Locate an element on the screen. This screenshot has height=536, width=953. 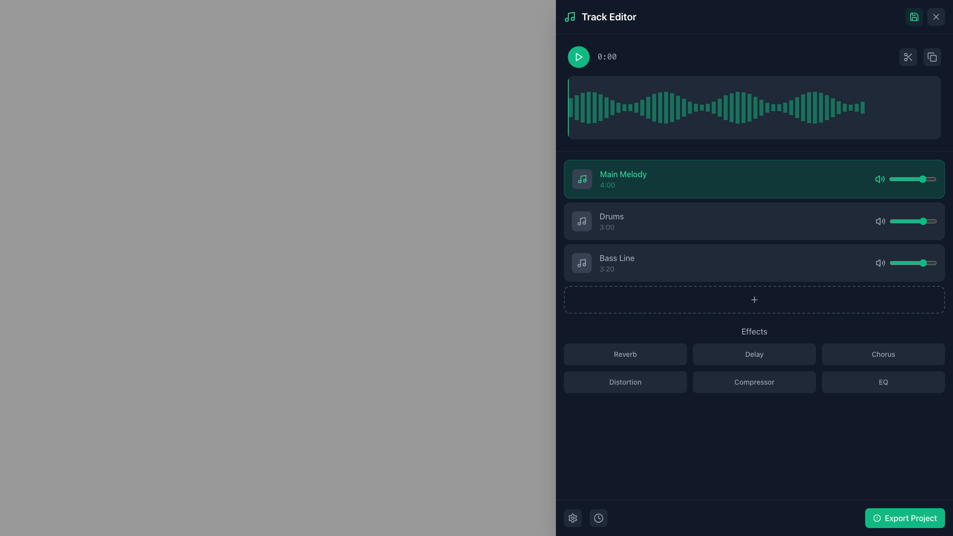
the top-right icon in the control interface group, which is likely associated with duplicating content or managing clipboard functions is located at coordinates (933, 58).